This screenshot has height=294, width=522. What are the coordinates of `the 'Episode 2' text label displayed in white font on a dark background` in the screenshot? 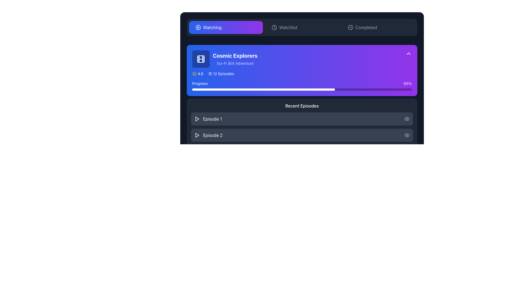 It's located at (212, 135).